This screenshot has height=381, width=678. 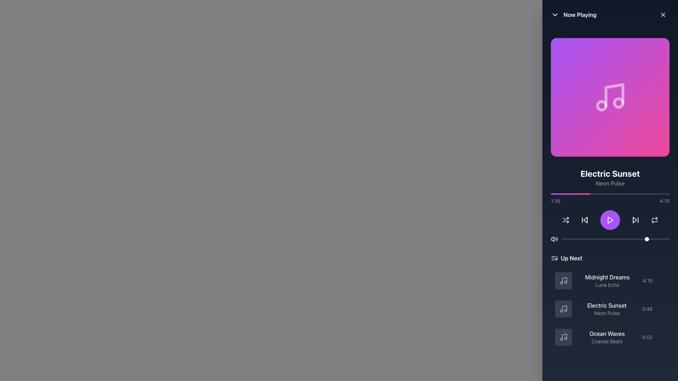 I want to click on text label 'Up Next' which is bold and located on the right side panel of the interface, positioned towards the upper-middle region, accompanied by a small icon resembling a list with a musical note, so click(x=566, y=258).